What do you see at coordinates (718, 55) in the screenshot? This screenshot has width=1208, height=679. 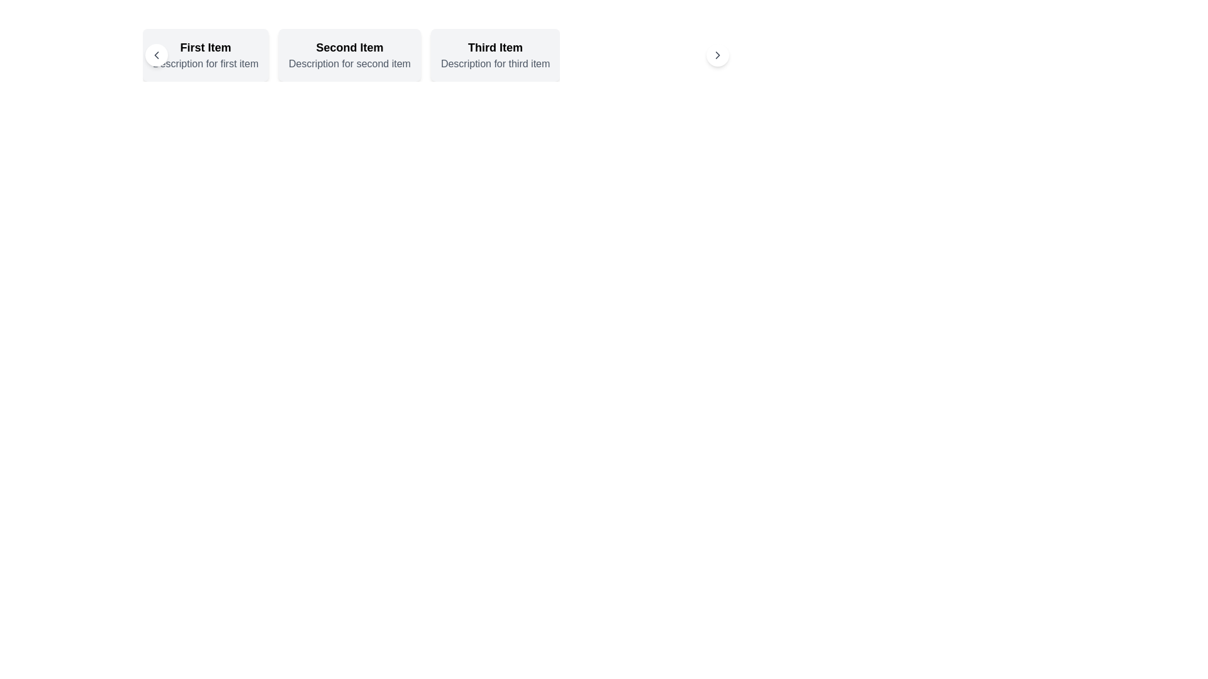 I see `the rightmost button used for navigating to the next set of items in the horizontally scrollable area` at bounding box center [718, 55].